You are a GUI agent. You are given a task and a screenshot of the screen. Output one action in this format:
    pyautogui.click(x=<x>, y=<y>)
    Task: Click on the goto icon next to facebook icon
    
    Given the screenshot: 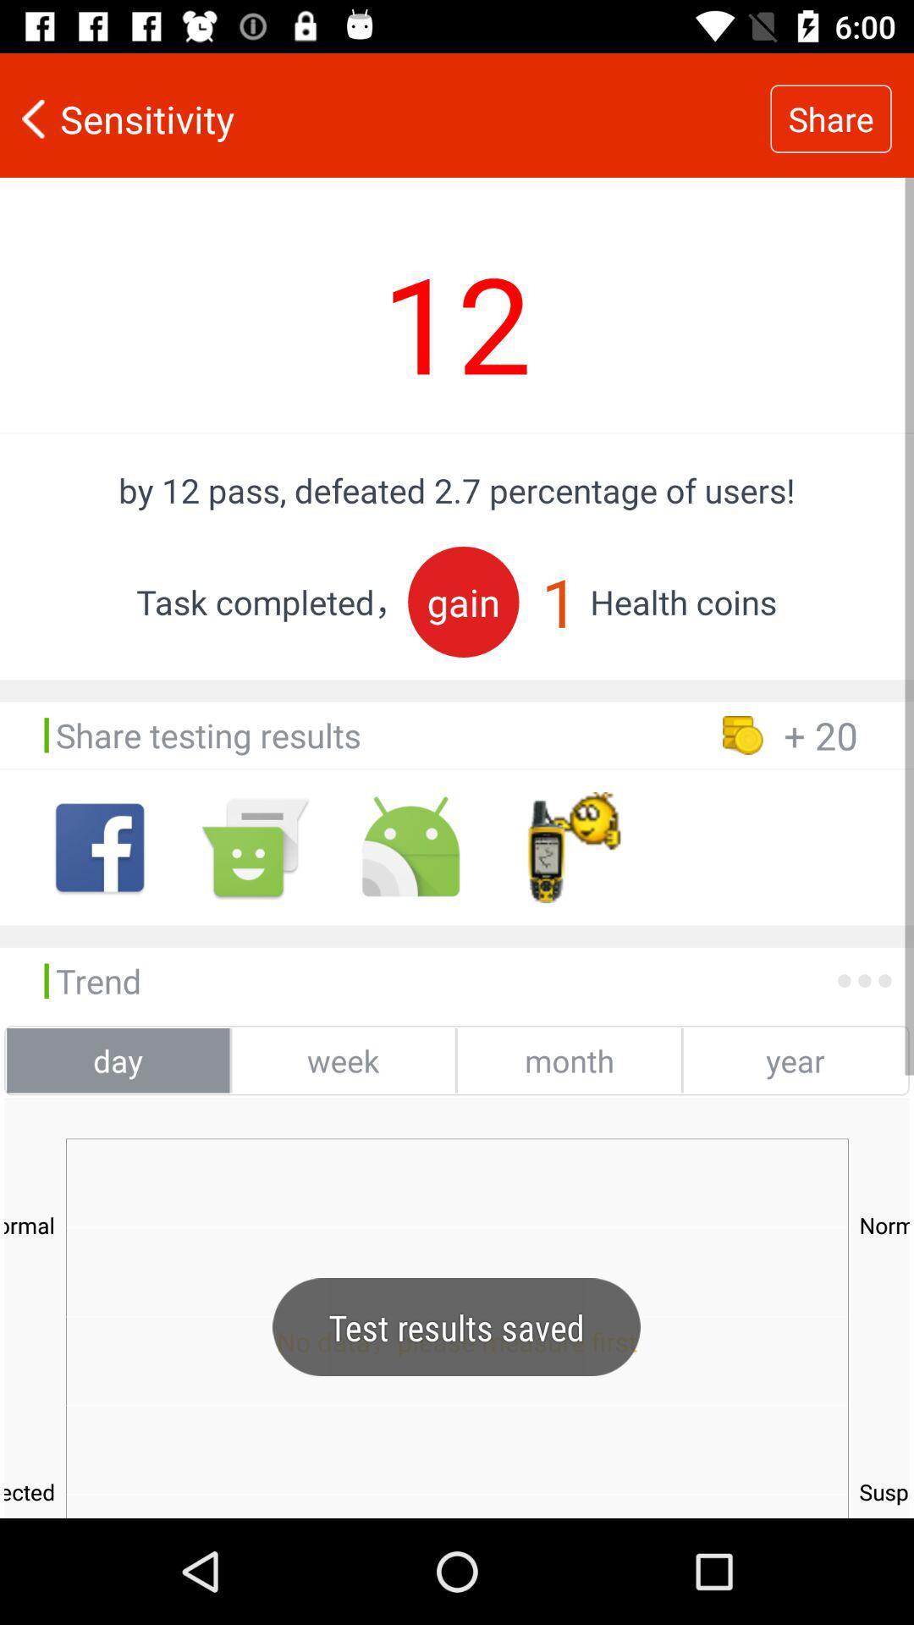 What is the action you would take?
    pyautogui.click(x=255, y=847)
    